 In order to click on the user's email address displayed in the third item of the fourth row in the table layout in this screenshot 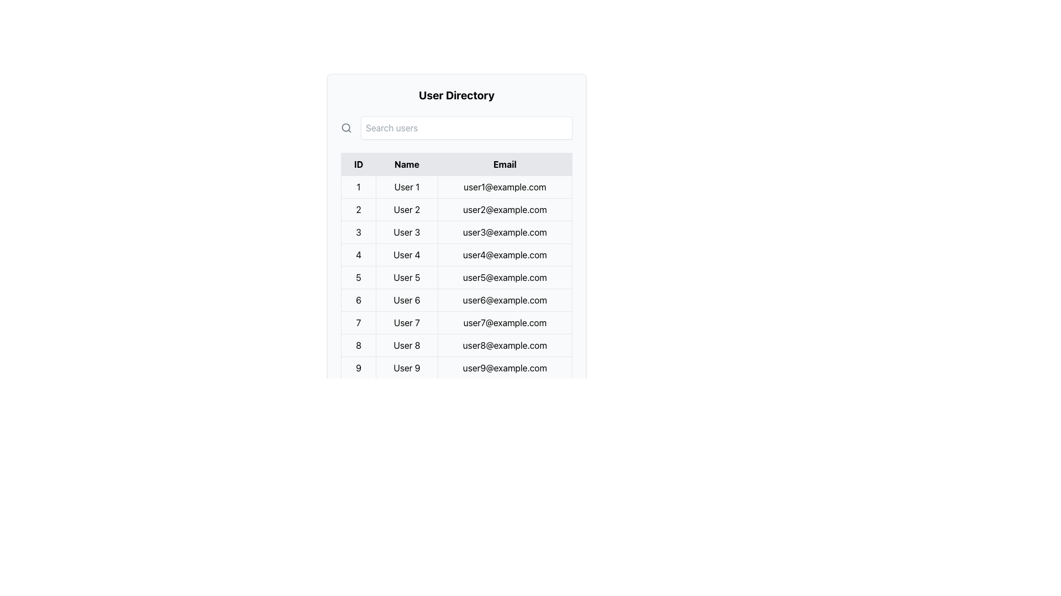, I will do `click(504, 255)`.